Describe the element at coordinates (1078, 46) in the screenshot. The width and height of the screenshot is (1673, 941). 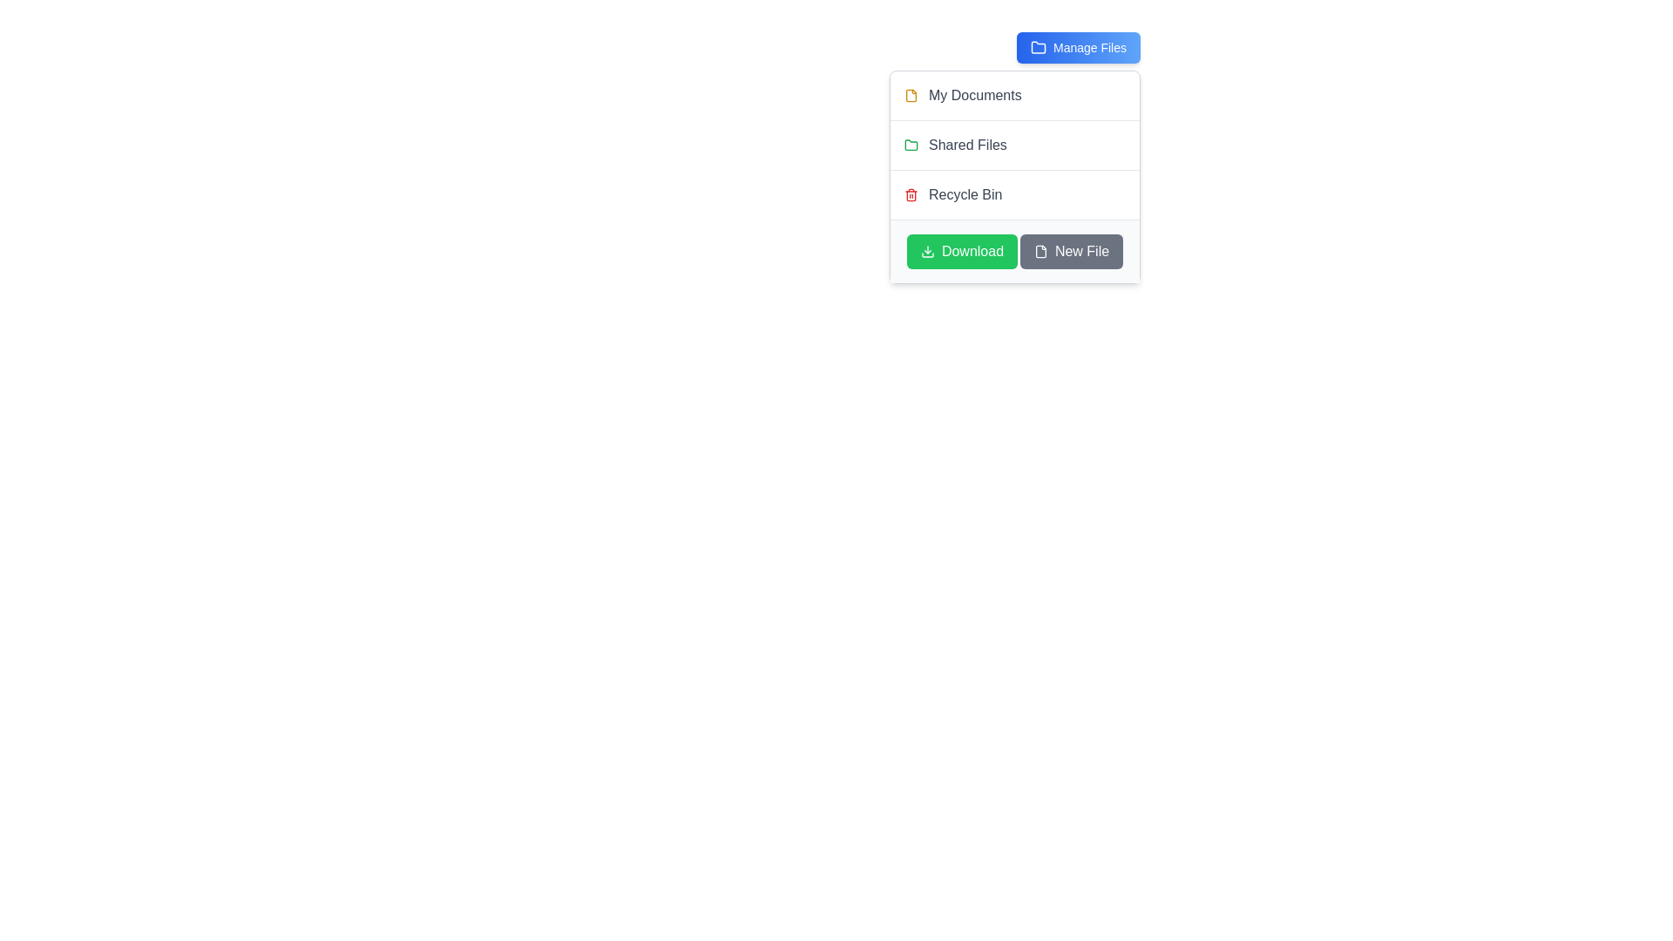
I see `the blue button labeled 'Manage Files' with a folder icon` at that location.